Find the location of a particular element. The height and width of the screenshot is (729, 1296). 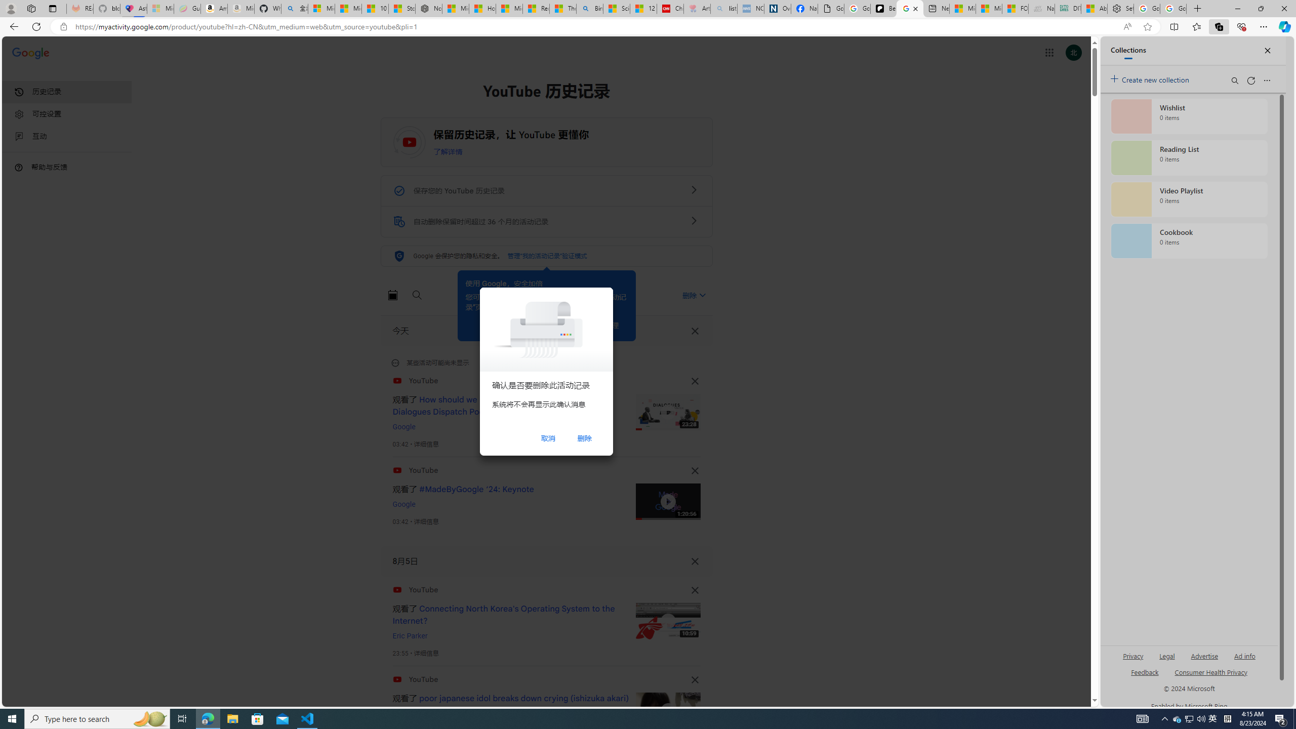

'12 Popular Science Lies that Must be Corrected' is located at coordinates (643, 8).